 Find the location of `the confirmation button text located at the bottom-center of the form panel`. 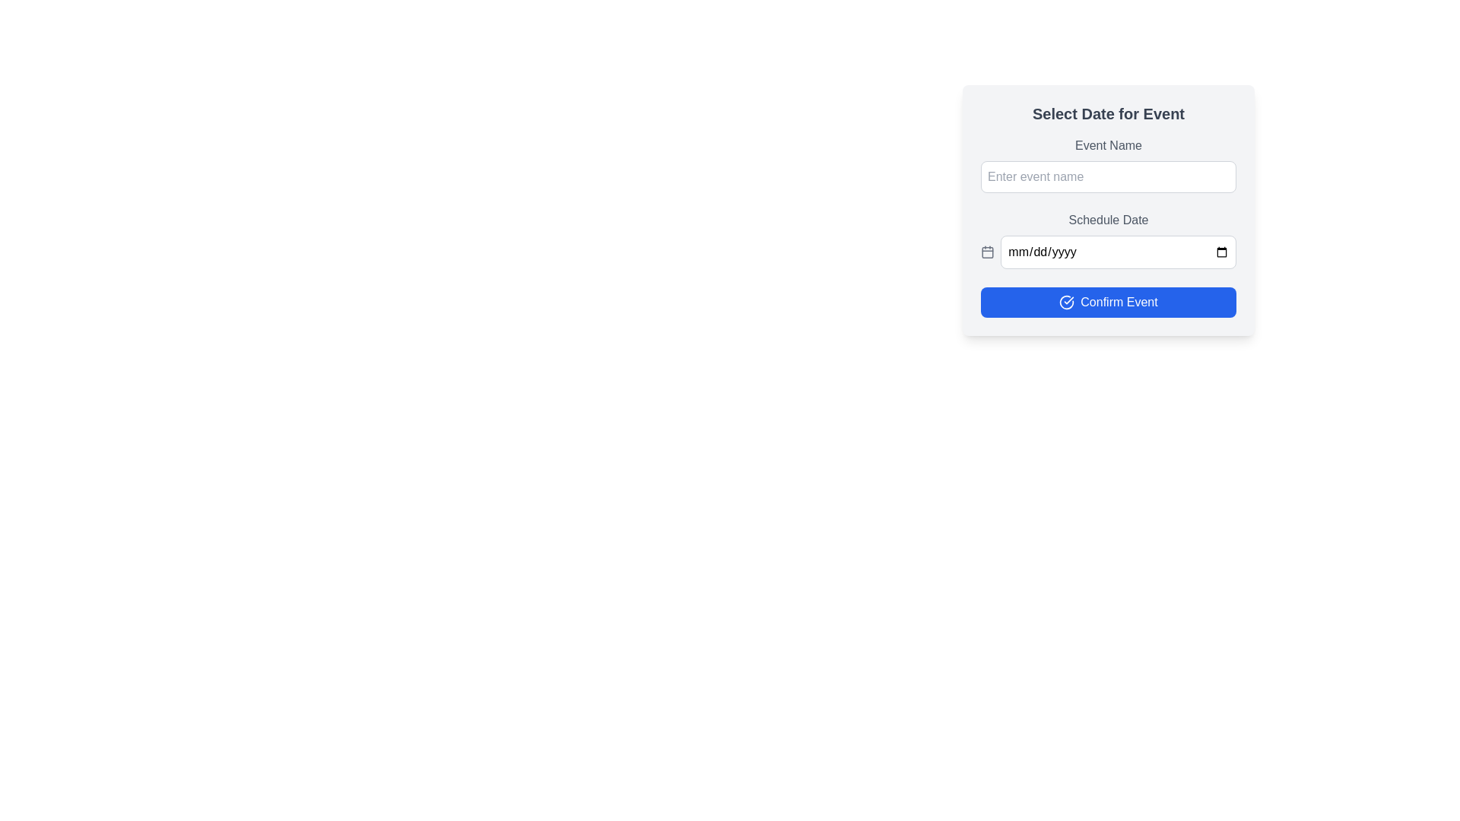

the confirmation button text located at the bottom-center of the form panel is located at coordinates (1119, 302).